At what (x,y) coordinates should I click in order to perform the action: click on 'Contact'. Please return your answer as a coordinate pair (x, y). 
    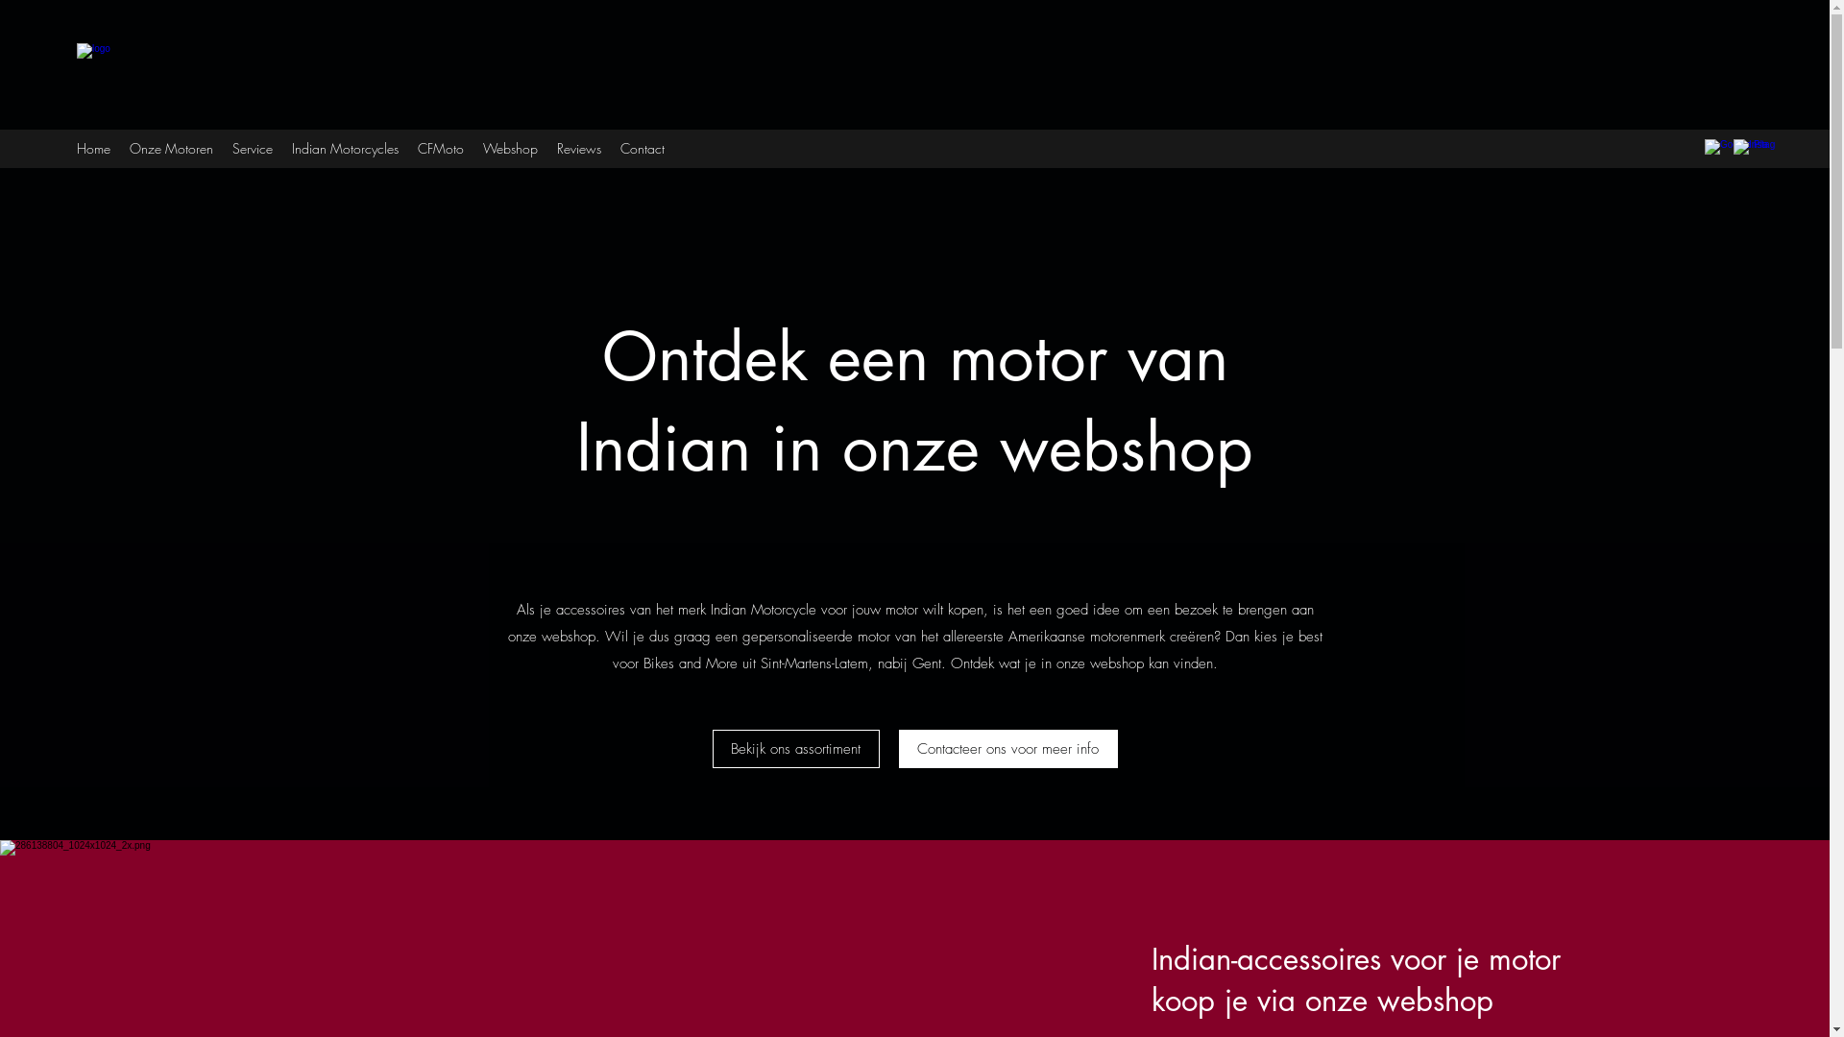
    Looking at the image, I should click on (642, 147).